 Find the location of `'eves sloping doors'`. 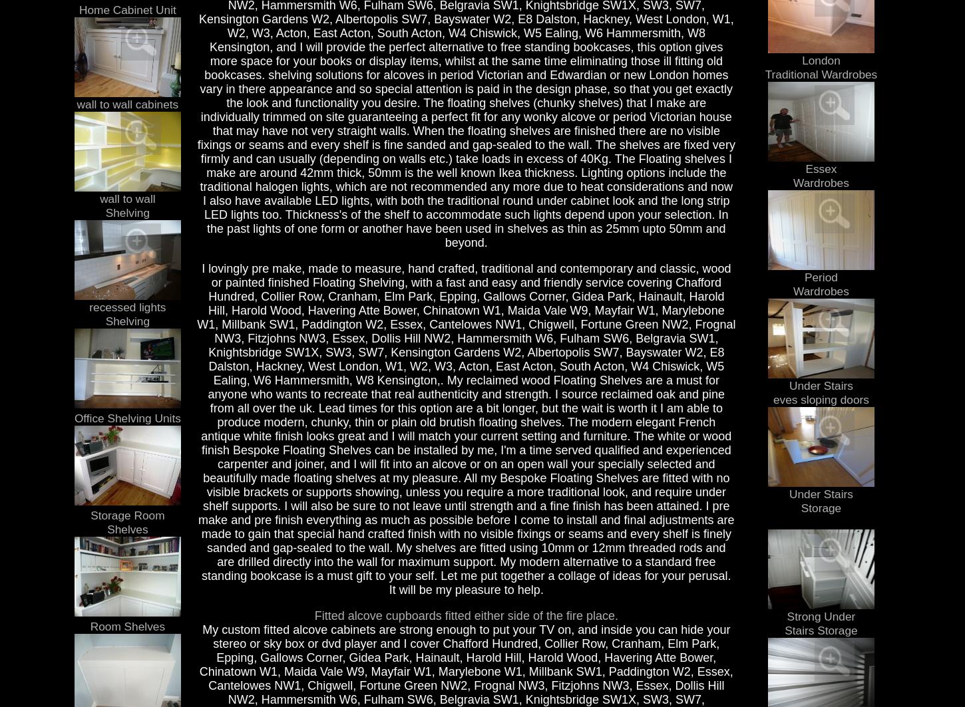

'eves sloping doors' is located at coordinates (820, 398).